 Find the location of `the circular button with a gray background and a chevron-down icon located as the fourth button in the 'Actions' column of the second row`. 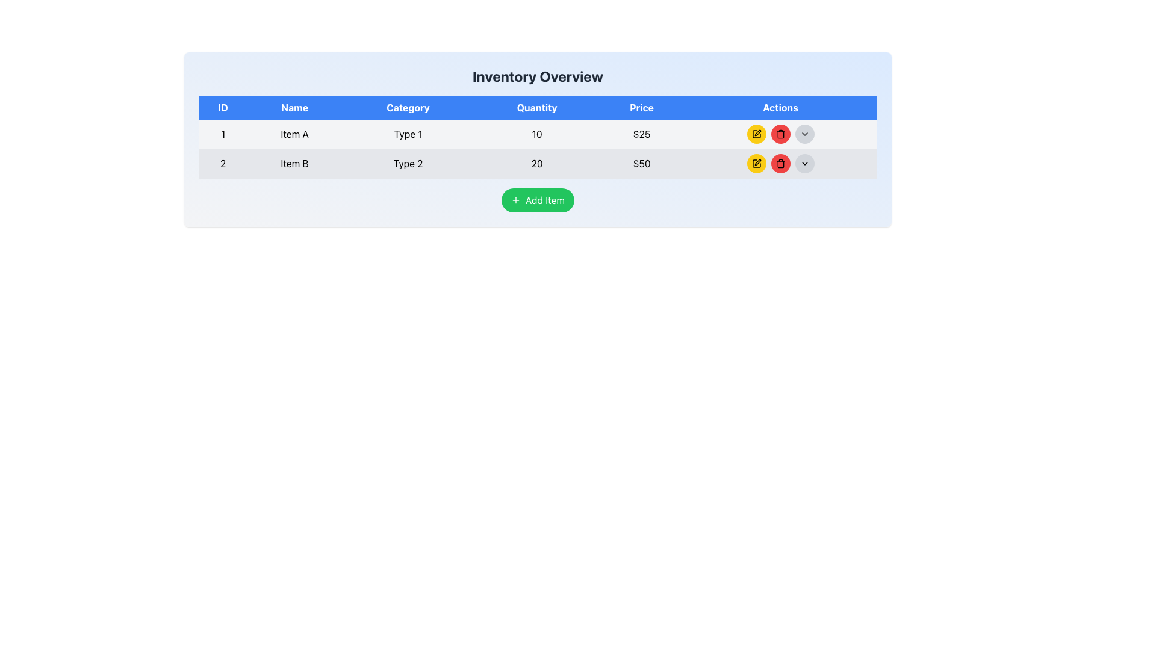

the circular button with a gray background and a chevron-down icon located as the fourth button in the 'Actions' column of the second row is located at coordinates (804, 134).